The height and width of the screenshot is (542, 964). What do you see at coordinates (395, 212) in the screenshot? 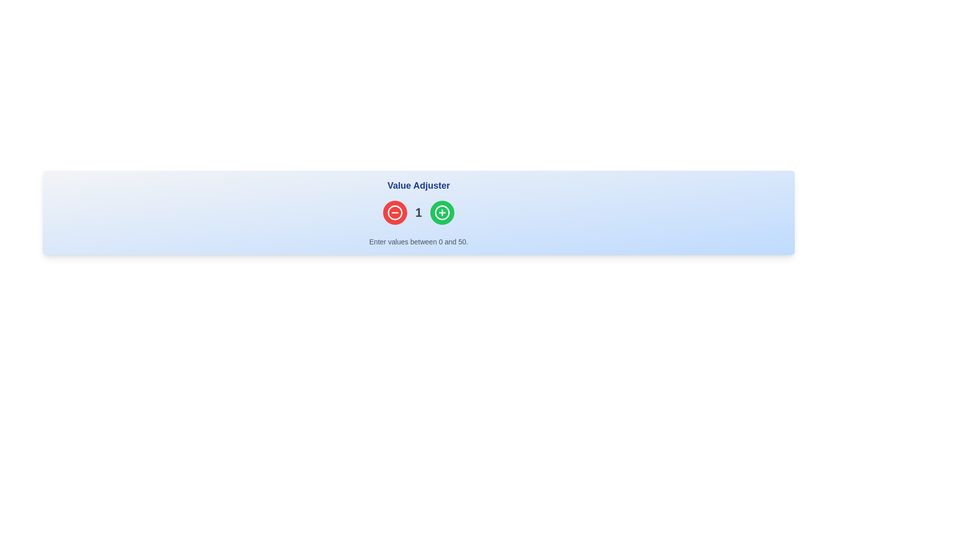
I see `the red circular minus button located beneath the 'Value Adjuster' text for keyboard interaction` at bounding box center [395, 212].